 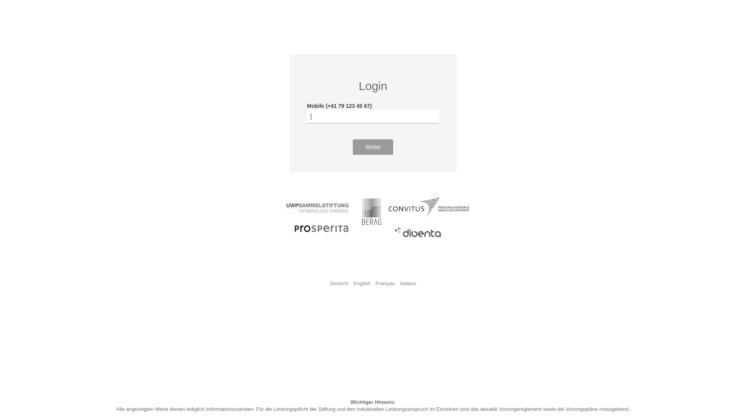 What do you see at coordinates (352, 147) in the screenshot?
I see `'Weiter'` at bounding box center [352, 147].